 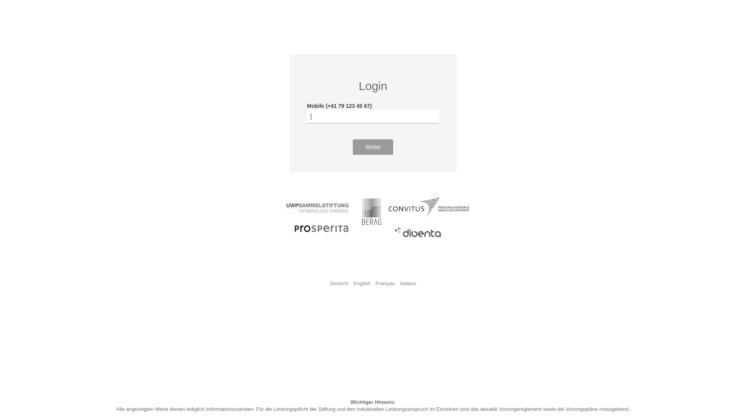 What do you see at coordinates (352, 147) in the screenshot?
I see `'Weiter'` at bounding box center [352, 147].